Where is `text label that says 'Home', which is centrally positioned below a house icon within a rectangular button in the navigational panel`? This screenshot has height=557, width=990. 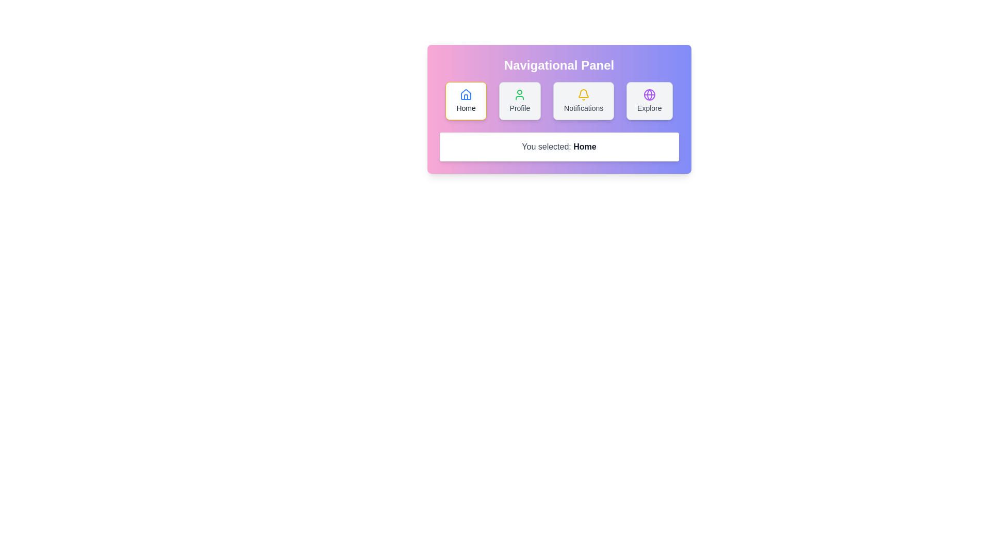
text label that says 'Home', which is centrally positioned below a house icon within a rectangular button in the navigational panel is located at coordinates (466, 108).